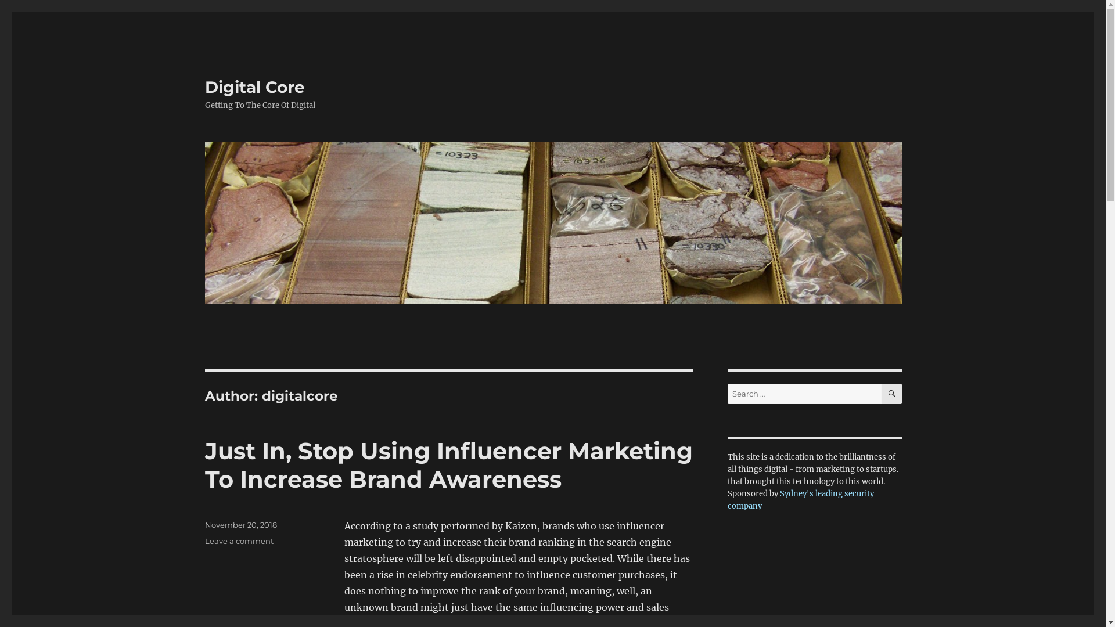 This screenshot has height=627, width=1115. I want to click on 'Digital Core', so click(253, 87).